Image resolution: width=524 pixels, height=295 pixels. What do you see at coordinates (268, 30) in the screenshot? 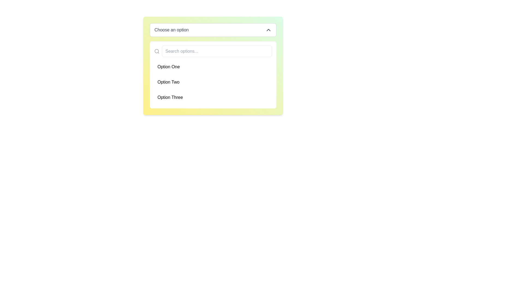
I see `the upward-facing chevron icon located on the right side of the 'Choose an option' button` at bounding box center [268, 30].